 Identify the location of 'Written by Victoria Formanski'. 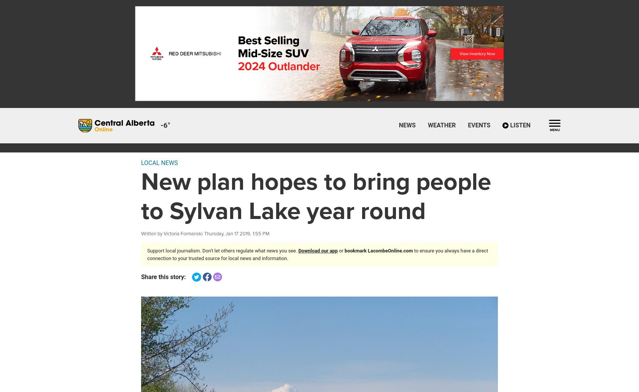
(172, 233).